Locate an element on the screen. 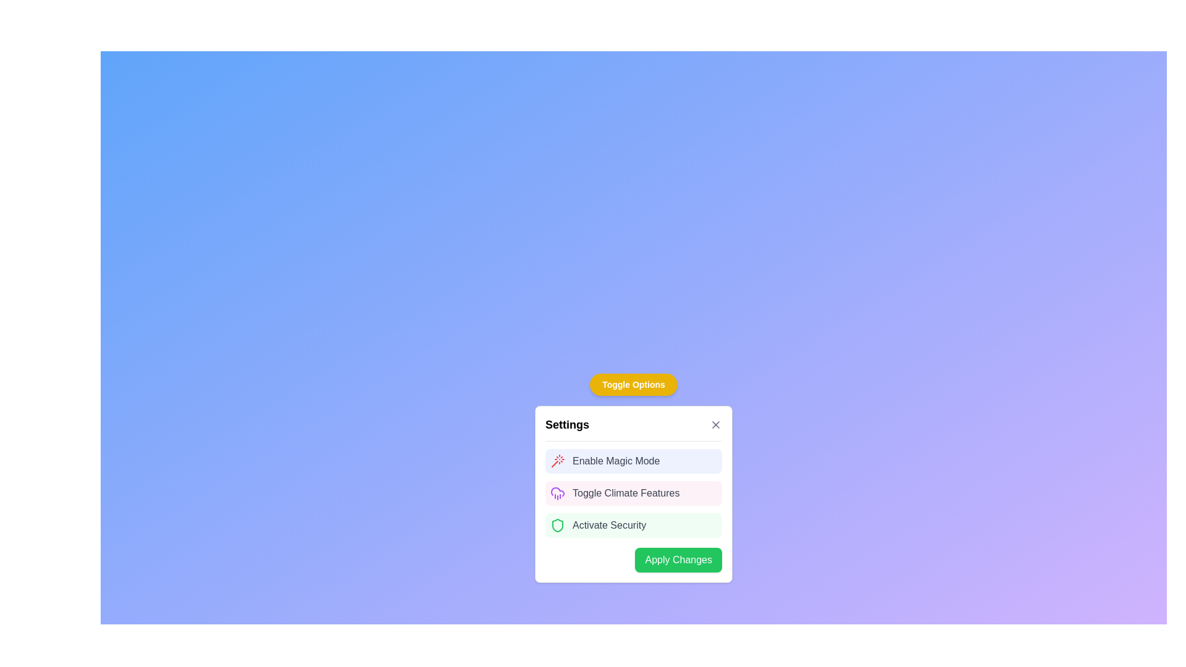 The height and width of the screenshot is (667, 1186). the purple cloud and rain icon located to the left of the 'Toggle Climate Features' text in the pink-highlighted section of the settings modal is located at coordinates (557, 492).